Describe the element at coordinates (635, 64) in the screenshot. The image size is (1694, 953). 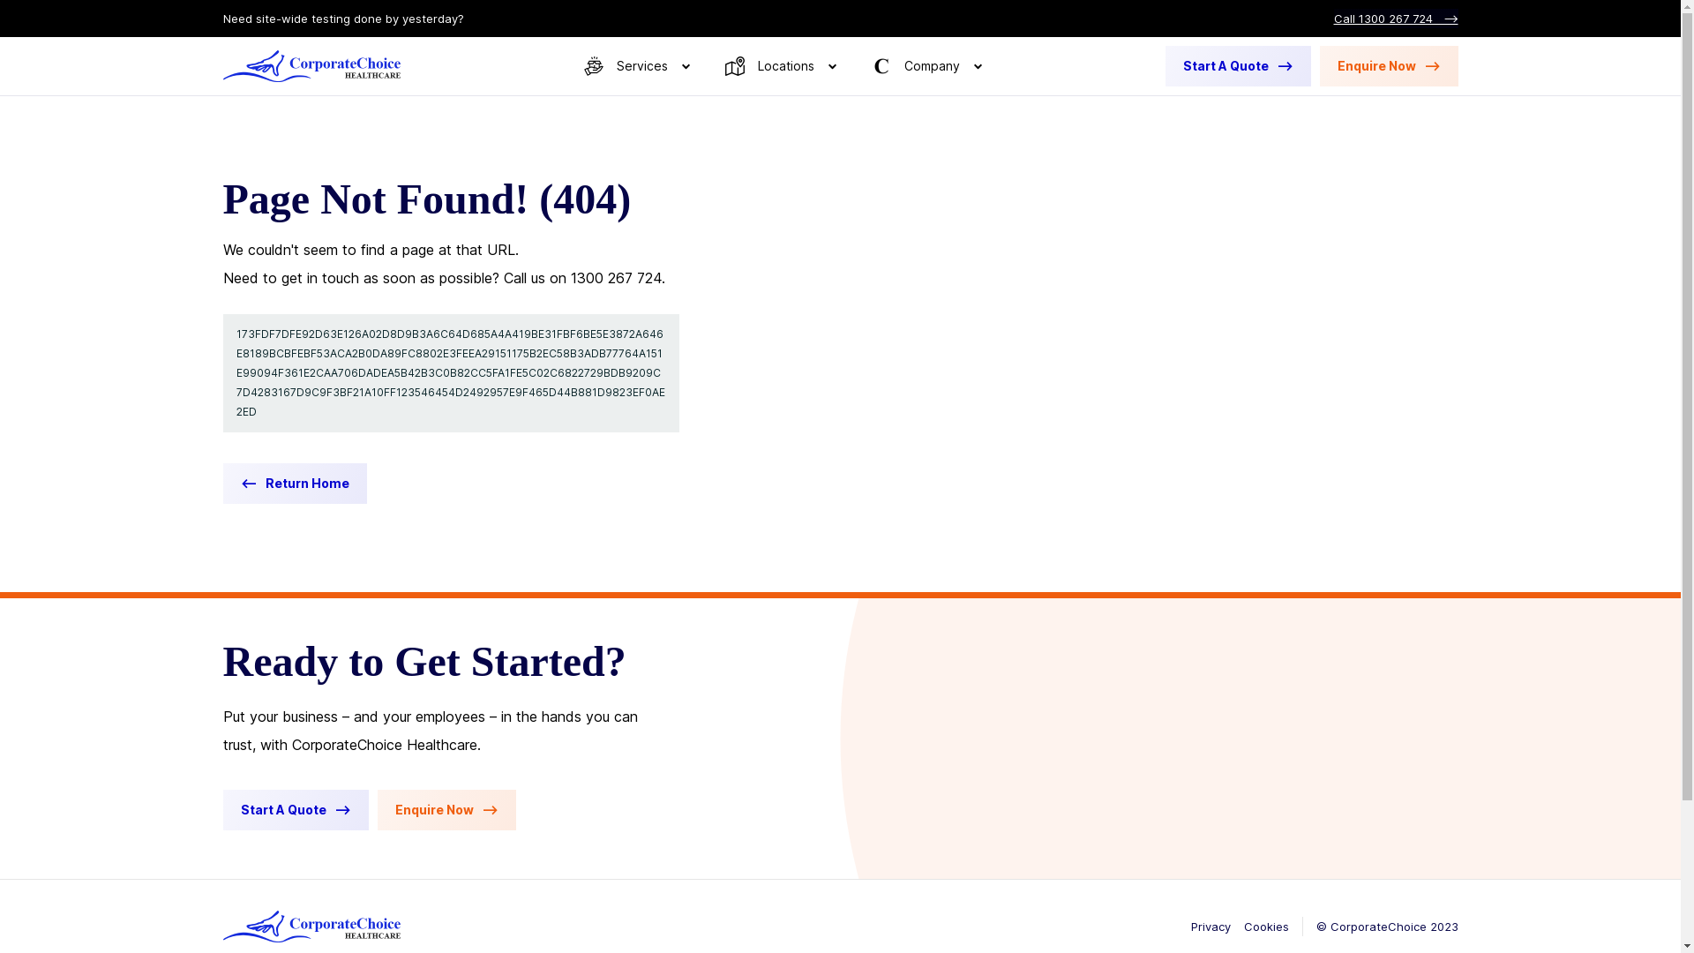
I see `'Services'` at that location.